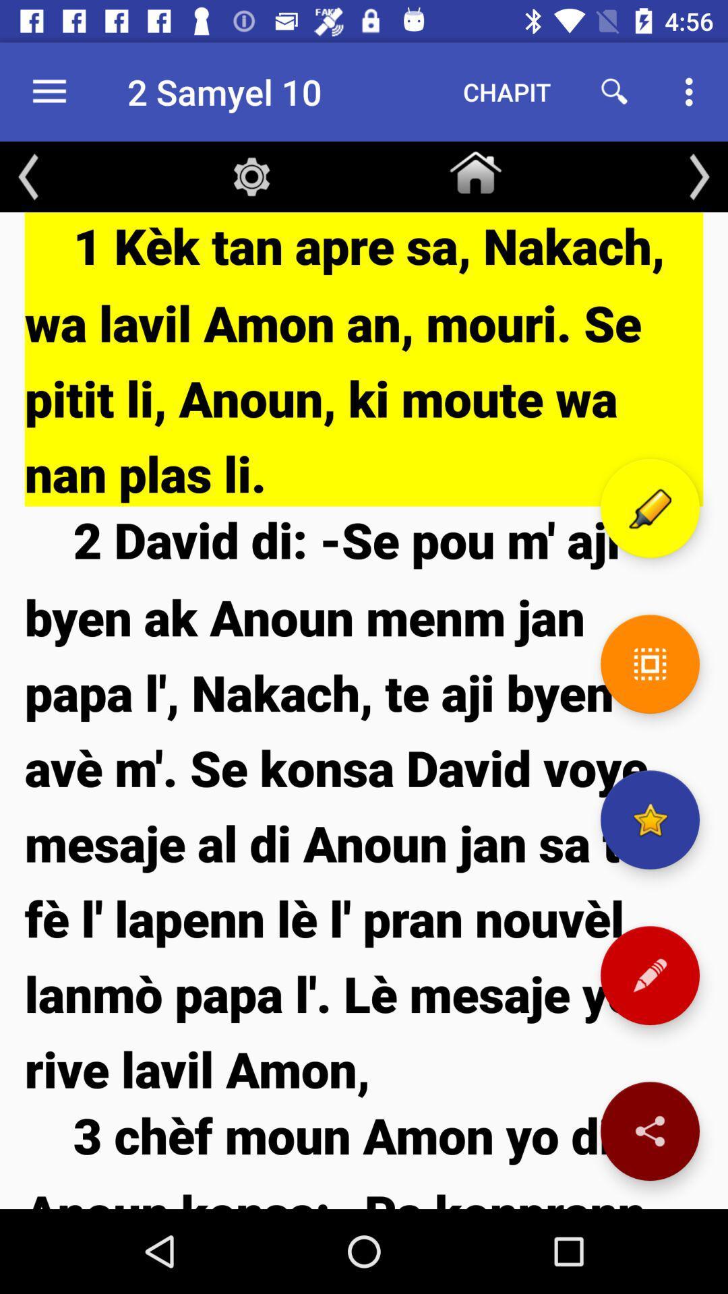 The image size is (728, 1294). I want to click on the arrow_backward icon, so click(28, 176).